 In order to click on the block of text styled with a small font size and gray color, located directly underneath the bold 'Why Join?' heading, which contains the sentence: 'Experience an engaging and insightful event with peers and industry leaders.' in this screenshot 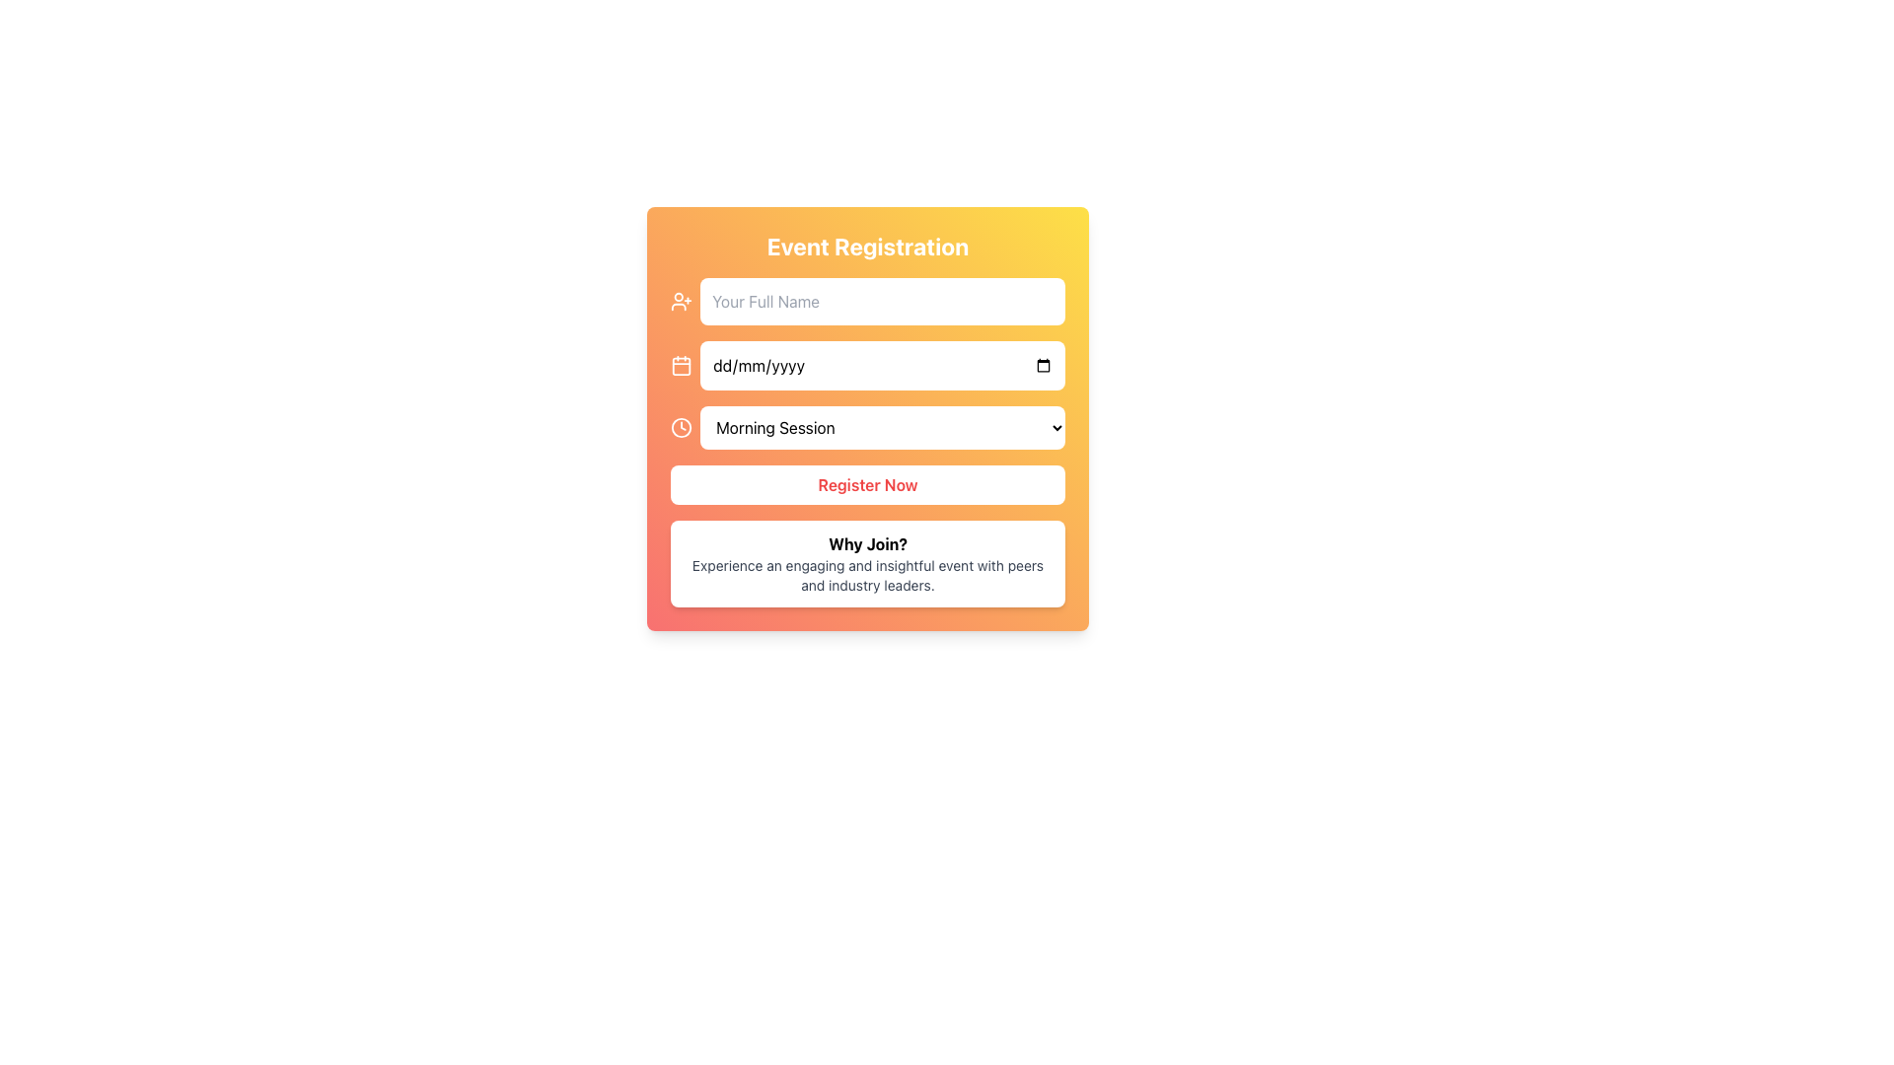, I will do `click(867, 575)`.